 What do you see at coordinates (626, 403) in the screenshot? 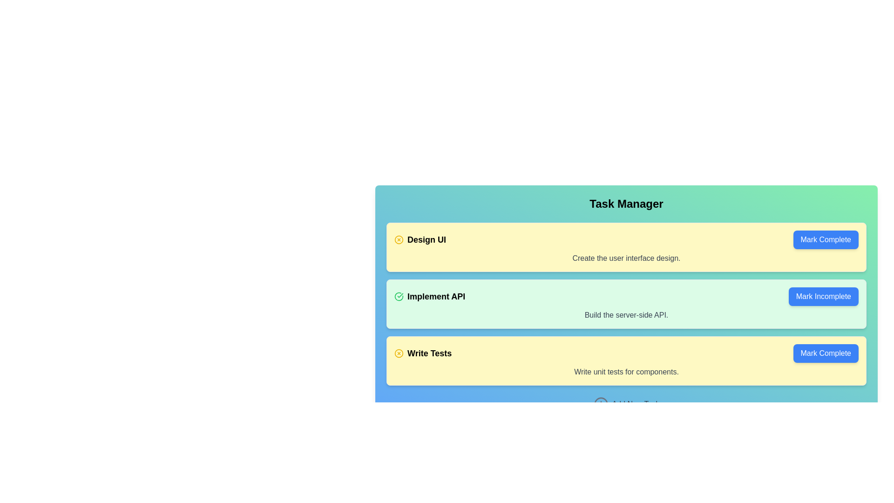
I see `the 'Add New Task' button, which features a centered icon with a plus sign and text` at bounding box center [626, 403].